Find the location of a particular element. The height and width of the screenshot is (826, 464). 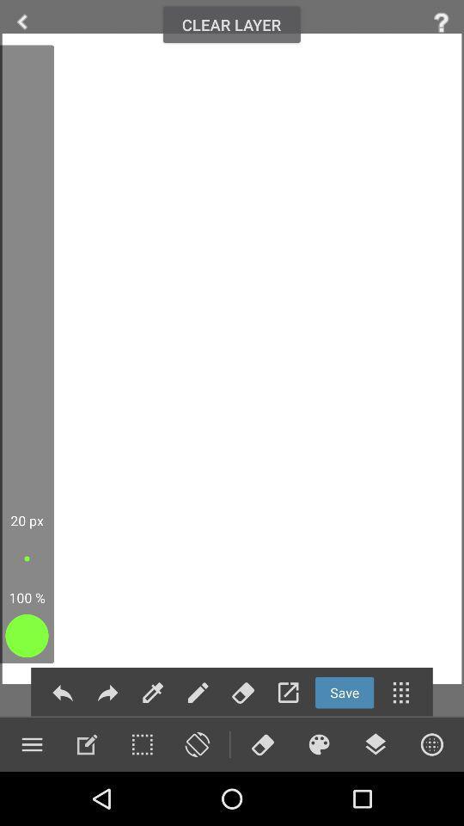

use layers is located at coordinates (375, 743).